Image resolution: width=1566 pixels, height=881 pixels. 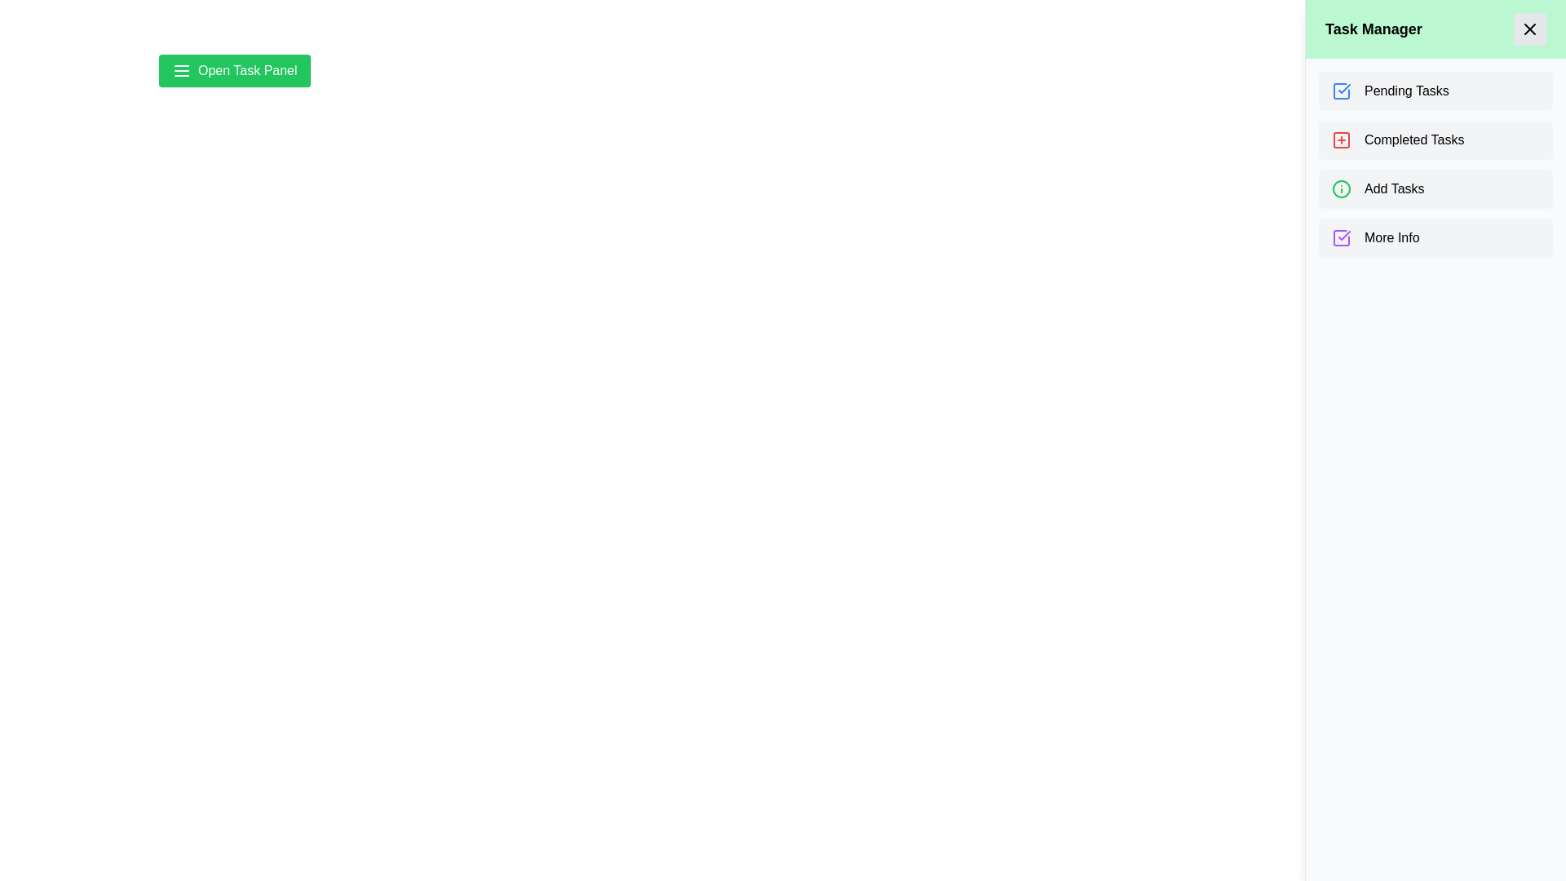 What do you see at coordinates (1529, 29) in the screenshot?
I see `close button on the task drawer header` at bounding box center [1529, 29].